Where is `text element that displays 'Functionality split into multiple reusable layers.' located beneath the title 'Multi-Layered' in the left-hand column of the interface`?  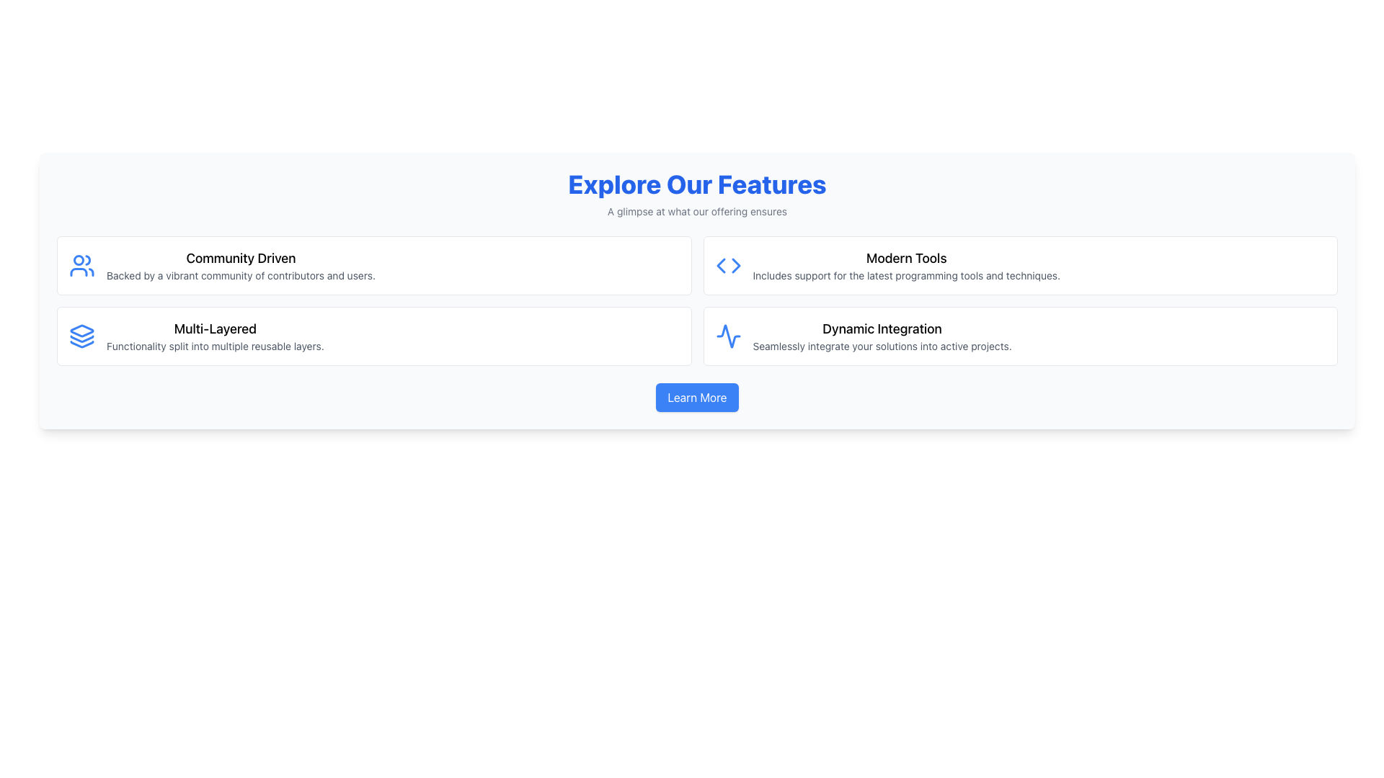 text element that displays 'Functionality split into multiple reusable layers.' located beneath the title 'Multi-Layered' in the left-hand column of the interface is located at coordinates (214, 346).